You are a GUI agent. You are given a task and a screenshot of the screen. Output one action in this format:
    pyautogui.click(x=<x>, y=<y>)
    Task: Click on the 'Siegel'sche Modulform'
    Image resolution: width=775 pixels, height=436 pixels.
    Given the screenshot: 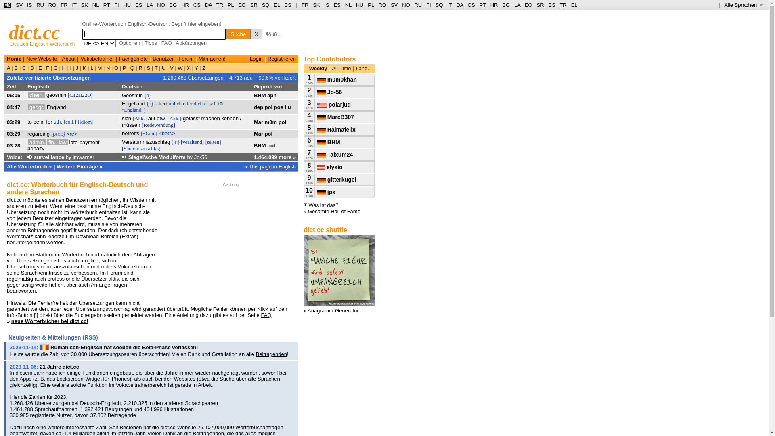 What is the action you would take?
    pyautogui.click(x=128, y=157)
    